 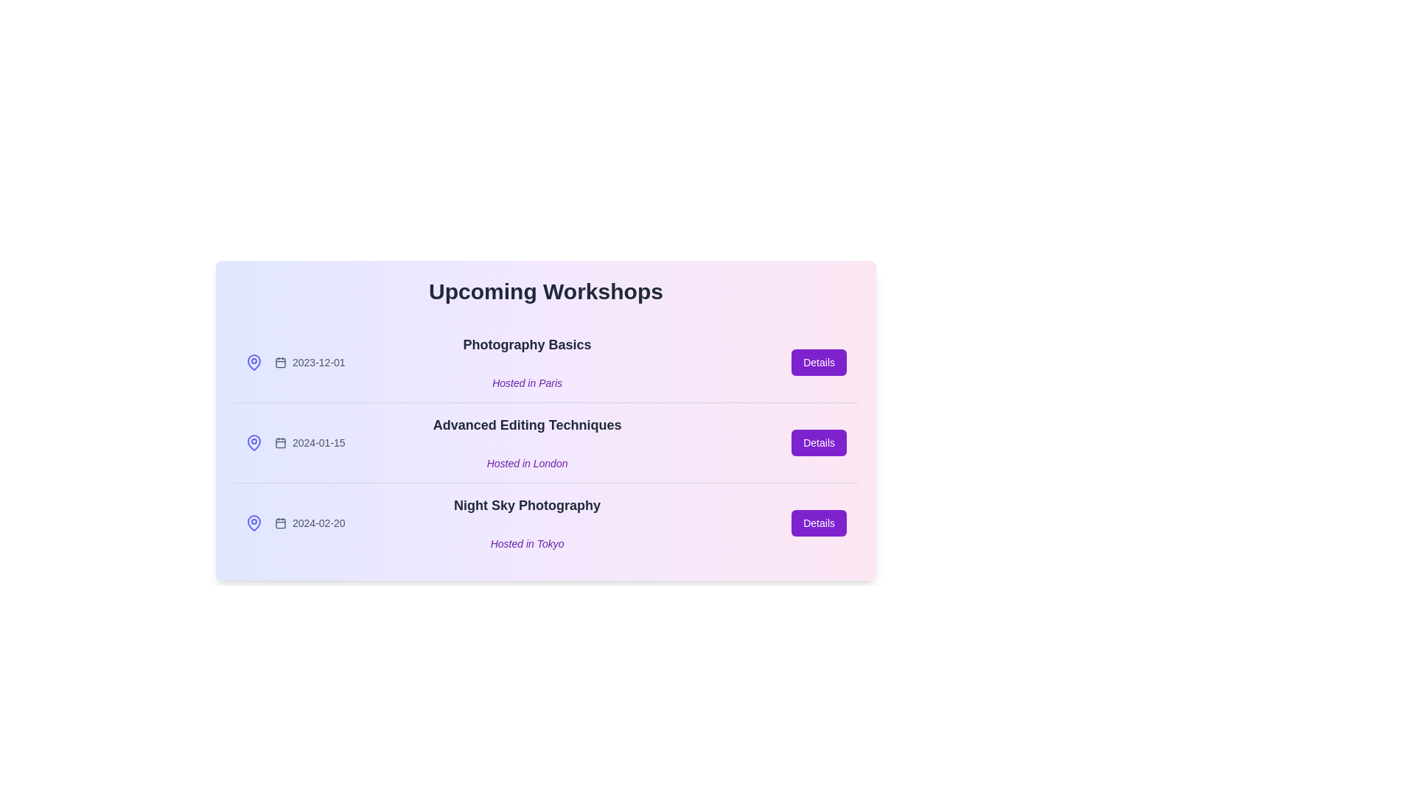 What do you see at coordinates (818, 522) in the screenshot?
I see `the 'Details' button for the workshop titled 'Night Sky Photography'` at bounding box center [818, 522].